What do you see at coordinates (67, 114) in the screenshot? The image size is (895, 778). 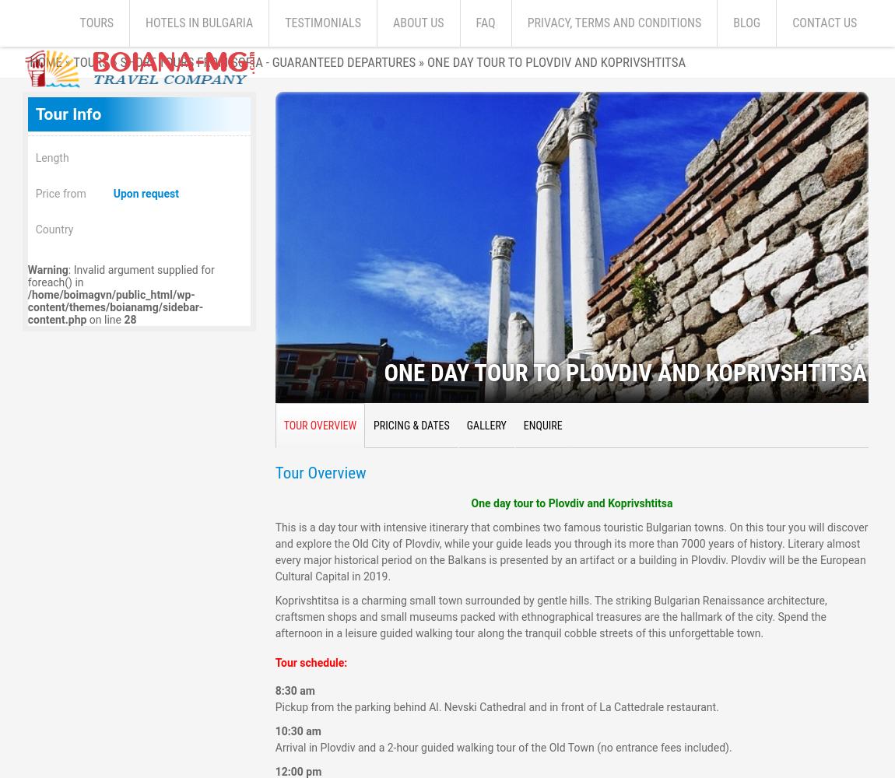 I see `'Tour Info'` at bounding box center [67, 114].